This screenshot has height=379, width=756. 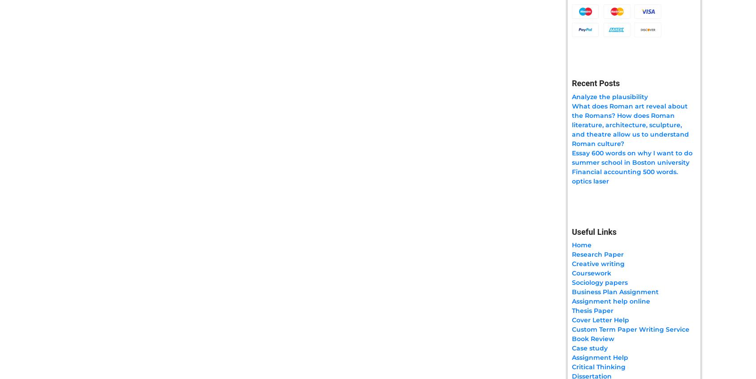 What do you see at coordinates (625, 171) in the screenshot?
I see `'Financial accounting 500 words.'` at bounding box center [625, 171].